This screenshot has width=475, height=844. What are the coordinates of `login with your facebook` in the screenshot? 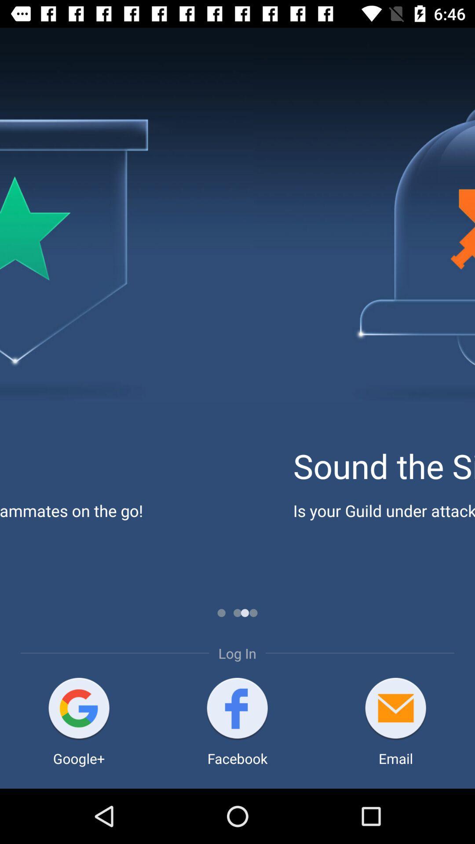 It's located at (237, 709).